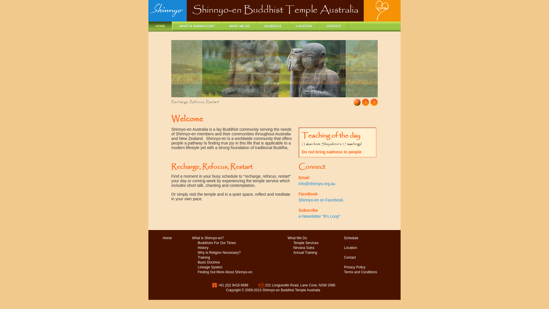 The width and height of the screenshot is (549, 309). I want to click on 'Shinnyo', so click(167, 12).